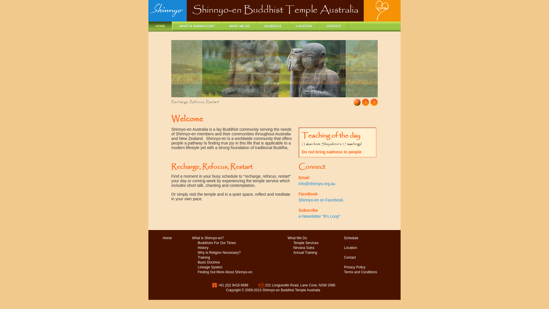 The width and height of the screenshot is (549, 309). I want to click on 'Shinnyo', so click(167, 12).